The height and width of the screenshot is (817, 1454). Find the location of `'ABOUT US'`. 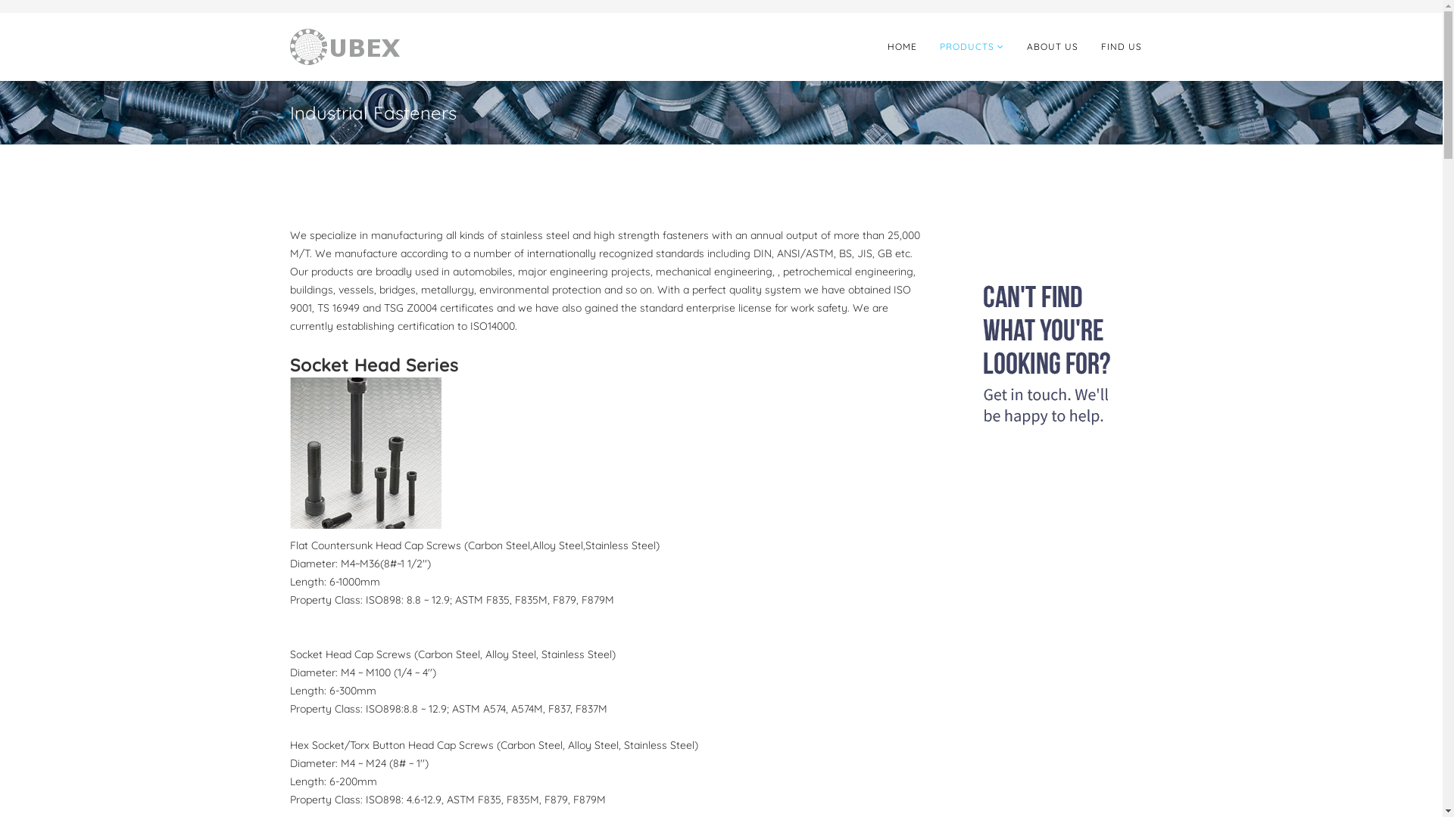

'ABOUT US' is located at coordinates (1014, 45).